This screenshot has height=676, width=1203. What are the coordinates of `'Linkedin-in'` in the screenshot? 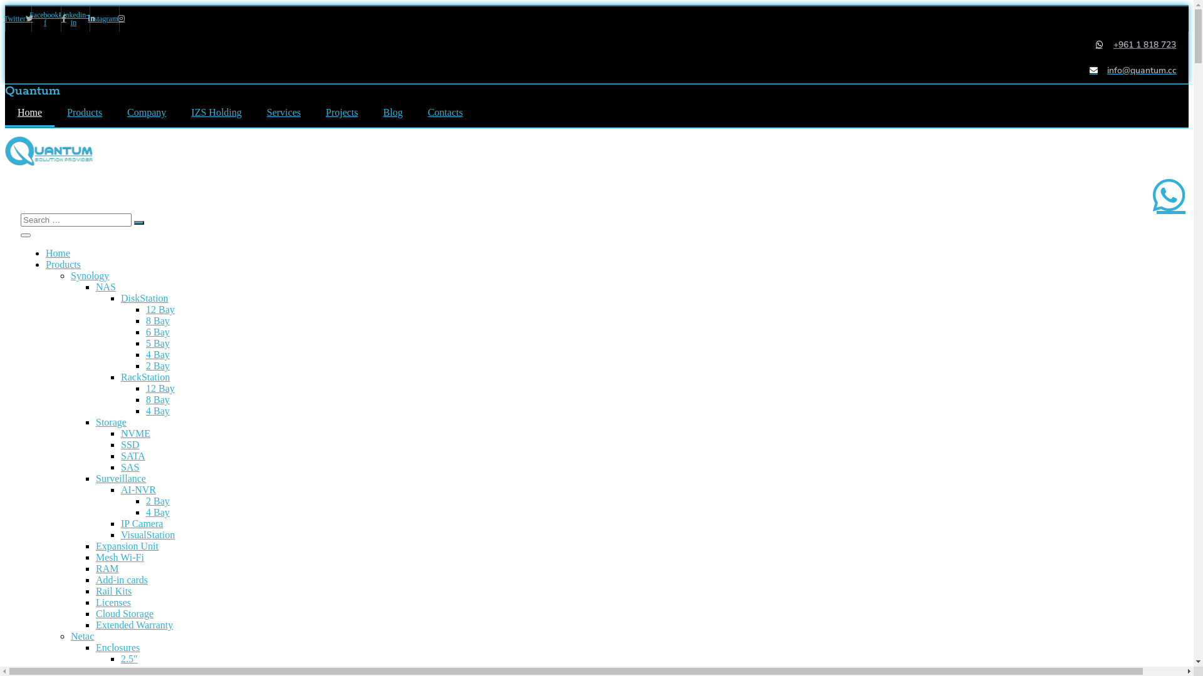 It's located at (77, 19).